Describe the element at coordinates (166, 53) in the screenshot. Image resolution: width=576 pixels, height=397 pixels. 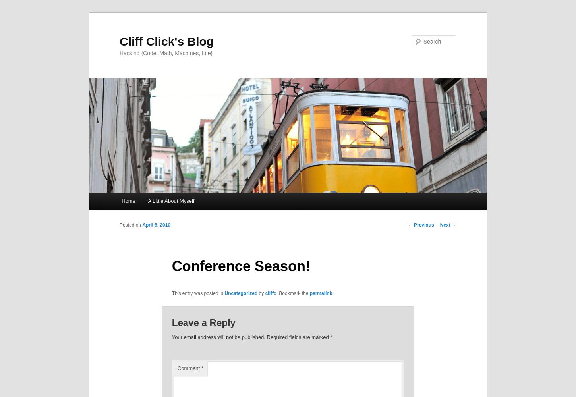
I see `'Hacking {Code, Math, Machines, Life}'` at that location.